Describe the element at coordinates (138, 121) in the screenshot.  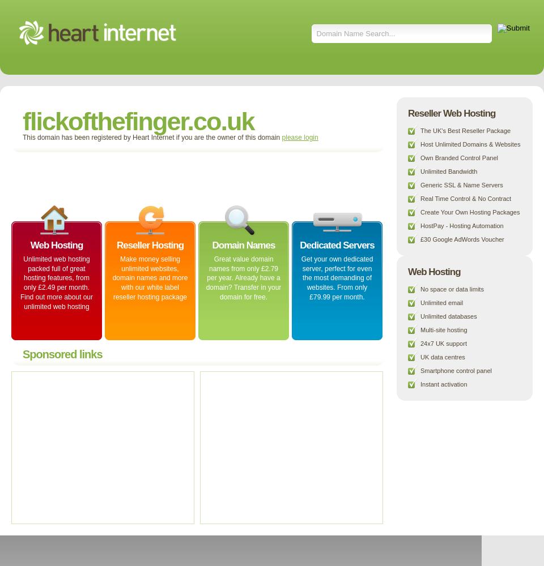
I see `'flickofthefinger.co.uk'` at that location.